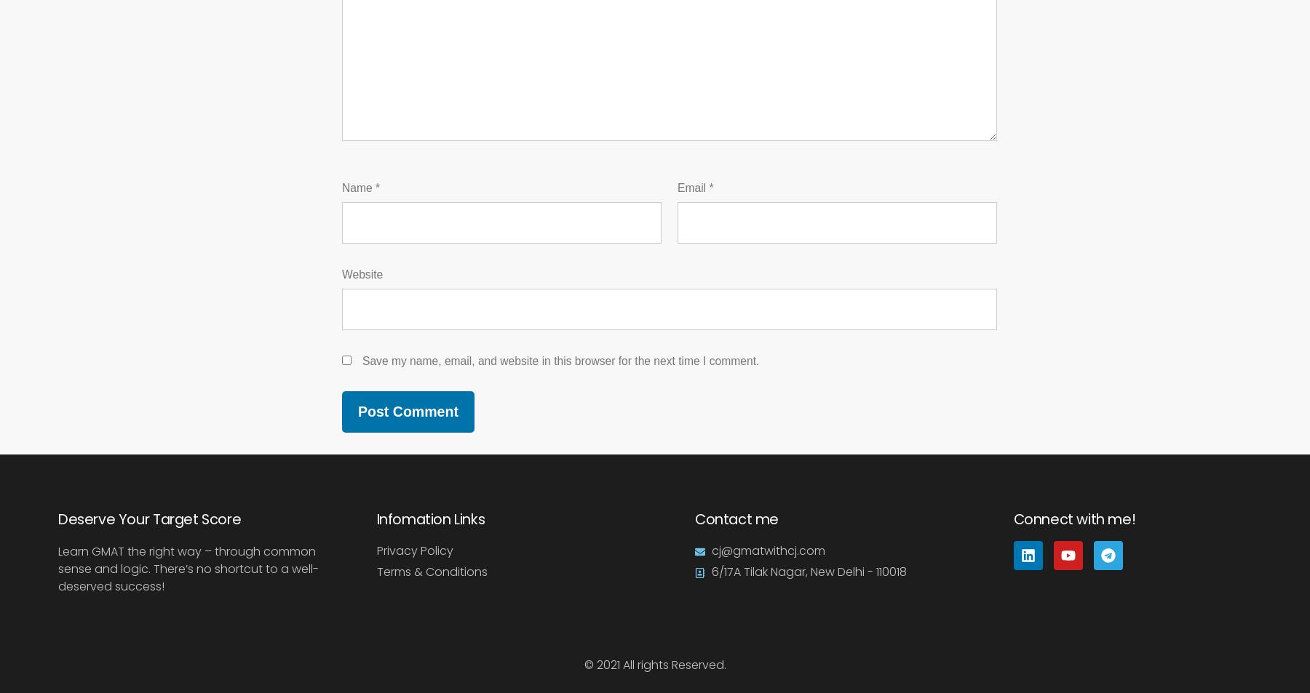  What do you see at coordinates (767, 550) in the screenshot?
I see `'cj@gmatwithcj.com'` at bounding box center [767, 550].